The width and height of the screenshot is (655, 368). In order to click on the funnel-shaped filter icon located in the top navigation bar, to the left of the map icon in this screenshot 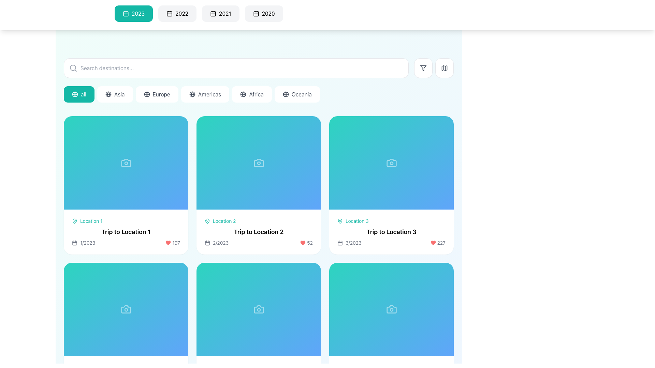, I will do `click(423, 68)`.